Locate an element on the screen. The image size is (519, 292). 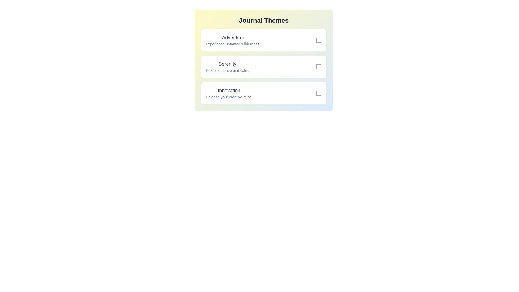
the second selectable option in the 'Journal Themes' list, which is associated with the theme 'Serenity' is located at coordinates (264, 66).